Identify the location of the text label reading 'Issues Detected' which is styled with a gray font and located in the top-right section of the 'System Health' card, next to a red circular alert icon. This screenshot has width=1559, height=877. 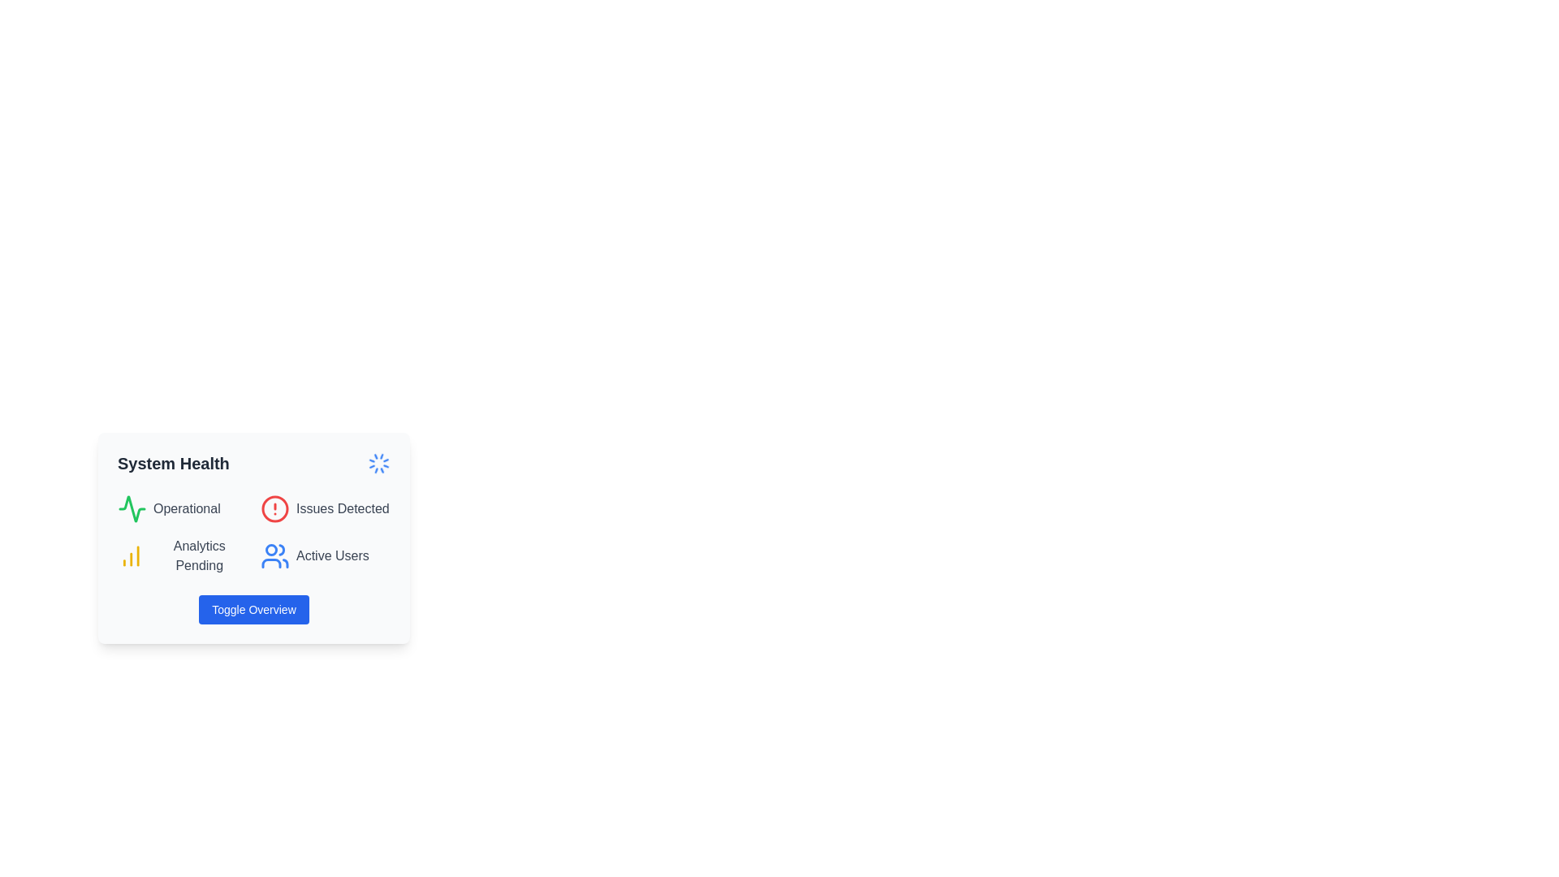
(342, 508).